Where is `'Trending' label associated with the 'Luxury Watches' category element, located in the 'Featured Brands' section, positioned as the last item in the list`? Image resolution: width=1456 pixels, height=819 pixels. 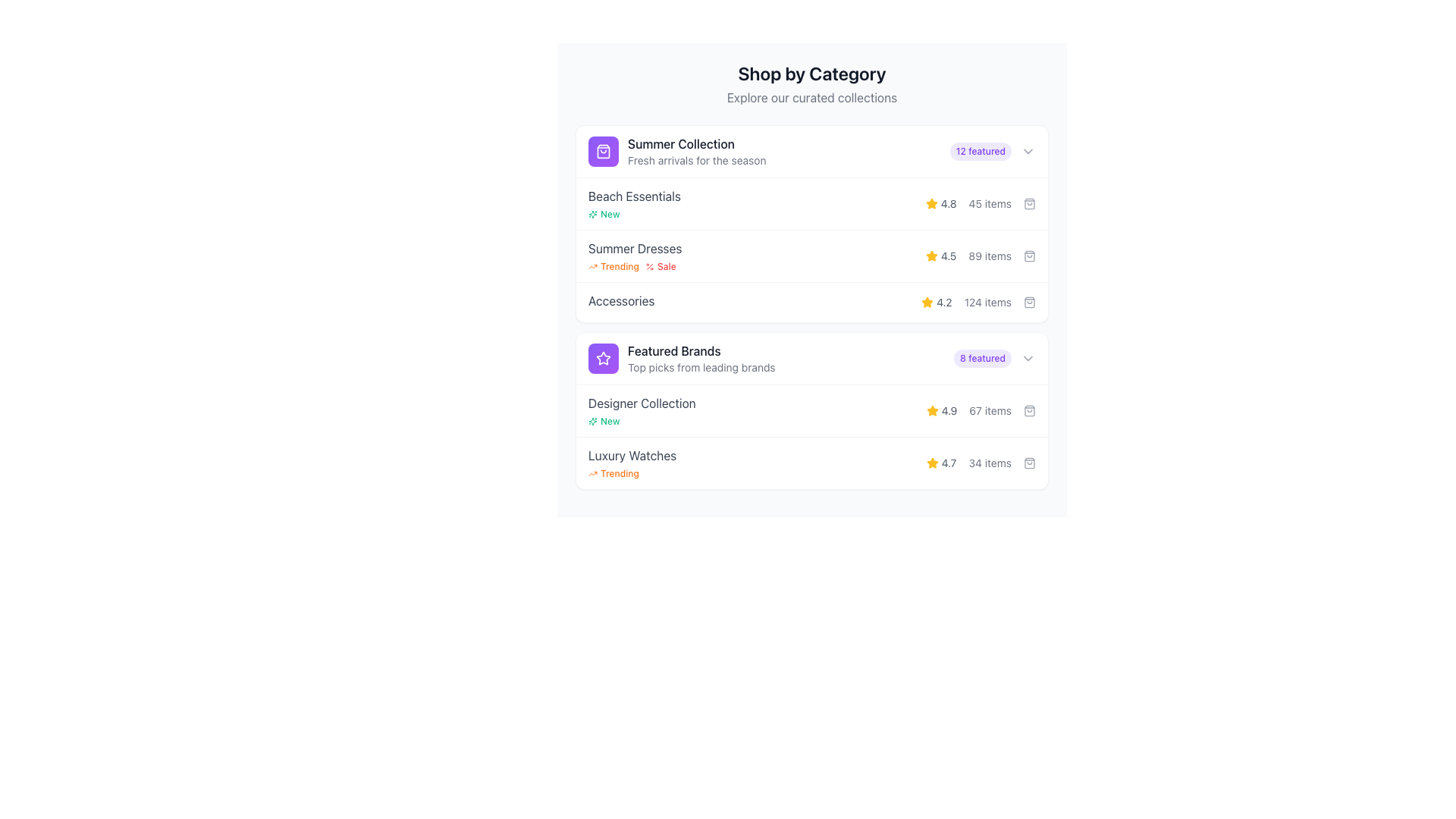 'Trending' label associated with the 'Luxury Watches' category element, located in the 'Featured Brands' section, positioned as the last item in the list is located at coordinates (632, 462).